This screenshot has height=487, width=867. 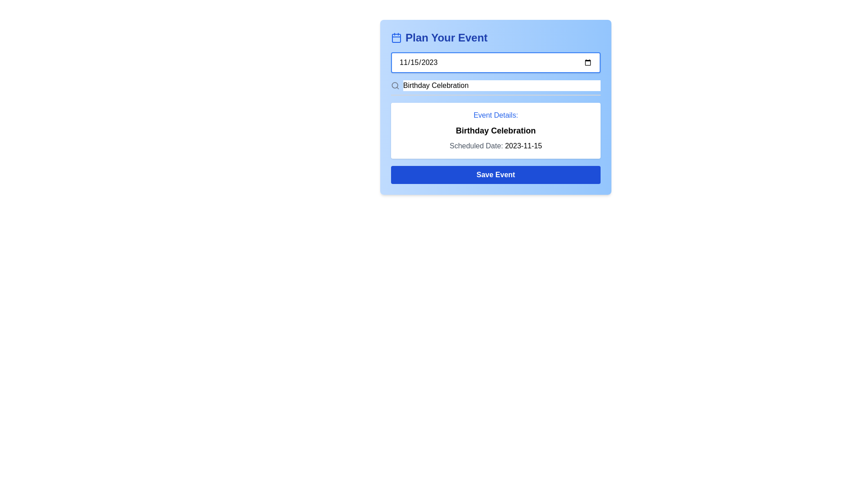 I want to click on displayed static text element showing the scheduled date for the event, which is part of the sentence 'Scheduled Date: 2023-11-15' located in the event details section of the 'Plan Your Event' card, so click(x=523, y=145).